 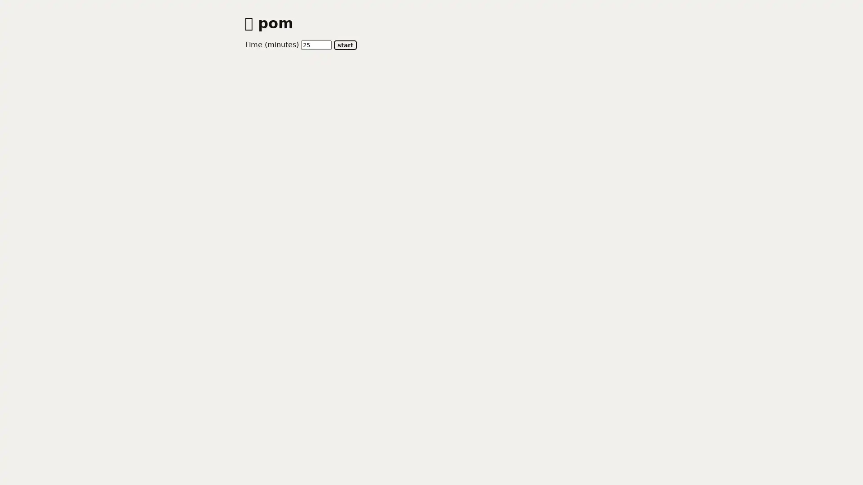 I want to click on start, so click(x=345, y=45).